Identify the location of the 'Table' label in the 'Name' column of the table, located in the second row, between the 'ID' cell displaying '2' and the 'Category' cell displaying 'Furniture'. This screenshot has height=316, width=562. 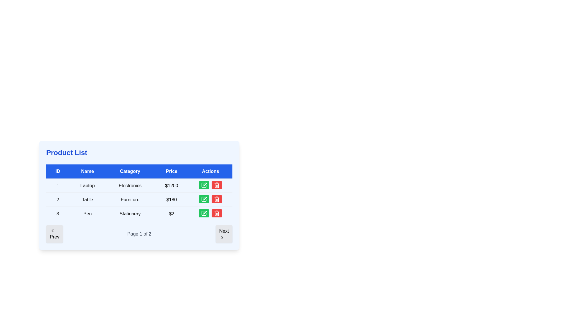
(87, 199).